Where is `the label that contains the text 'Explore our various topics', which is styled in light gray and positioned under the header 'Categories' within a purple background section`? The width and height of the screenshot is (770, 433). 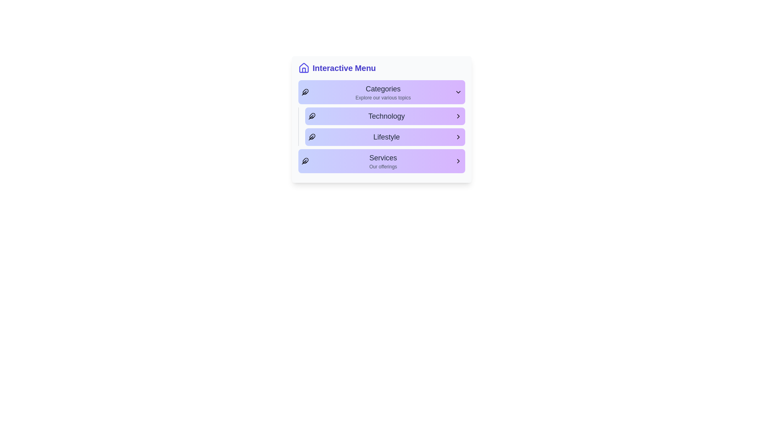 the label that contains the text 'Explore our various topics', which is styled in light gray and positioned under the header 'Categories' within a purple background section is located at coordinates (383, 97).